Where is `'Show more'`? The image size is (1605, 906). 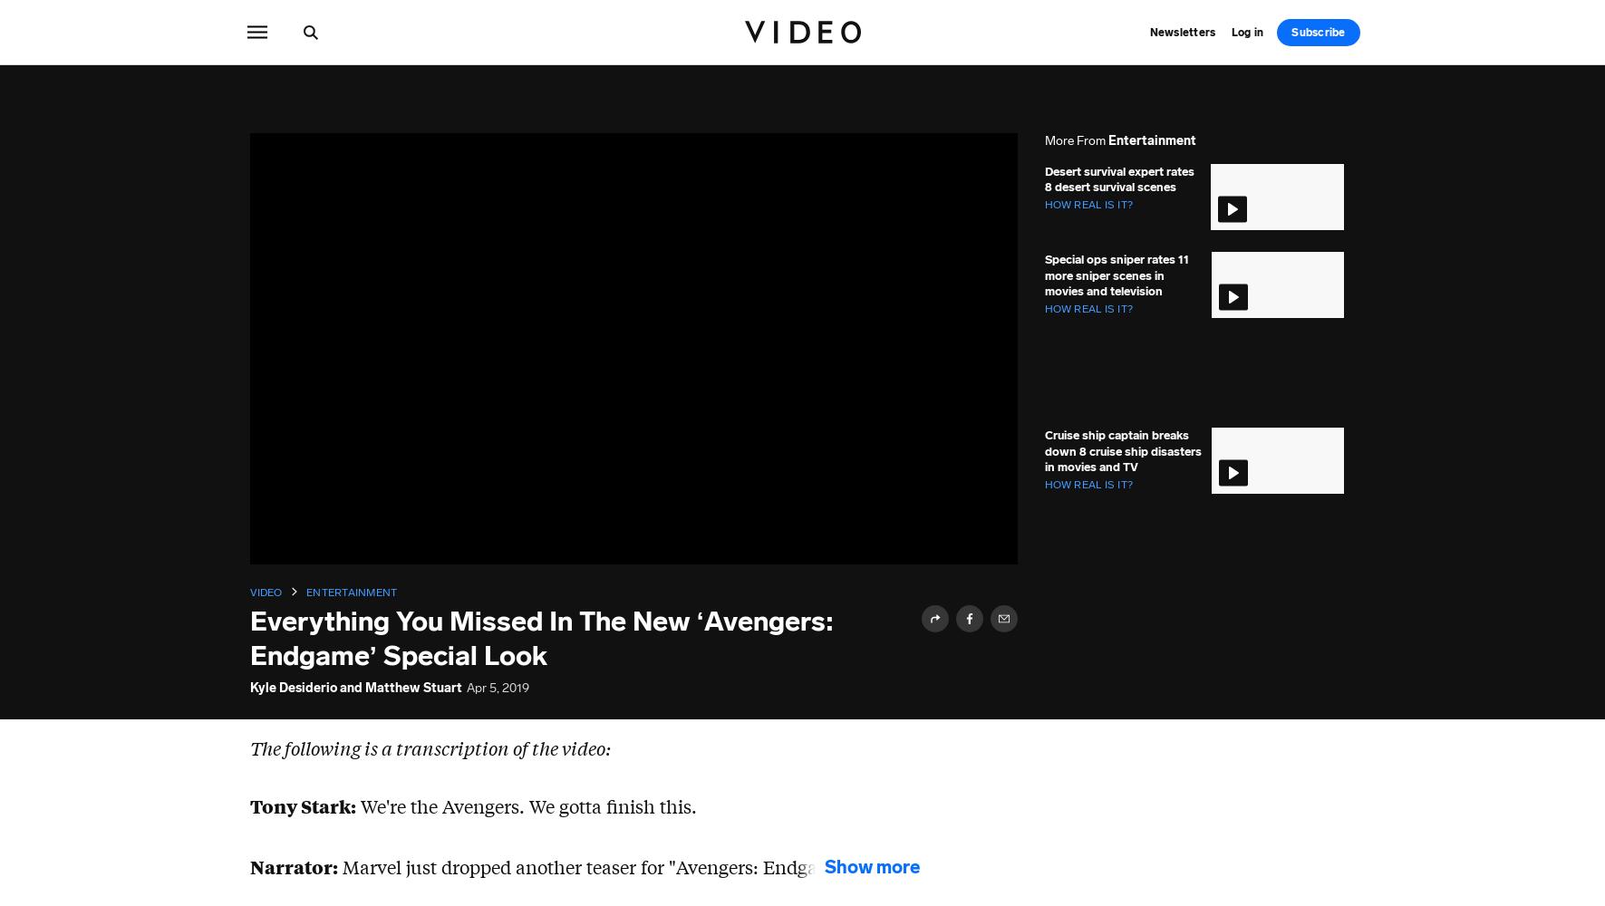
'Show more' is located at coordinates (872, 865).